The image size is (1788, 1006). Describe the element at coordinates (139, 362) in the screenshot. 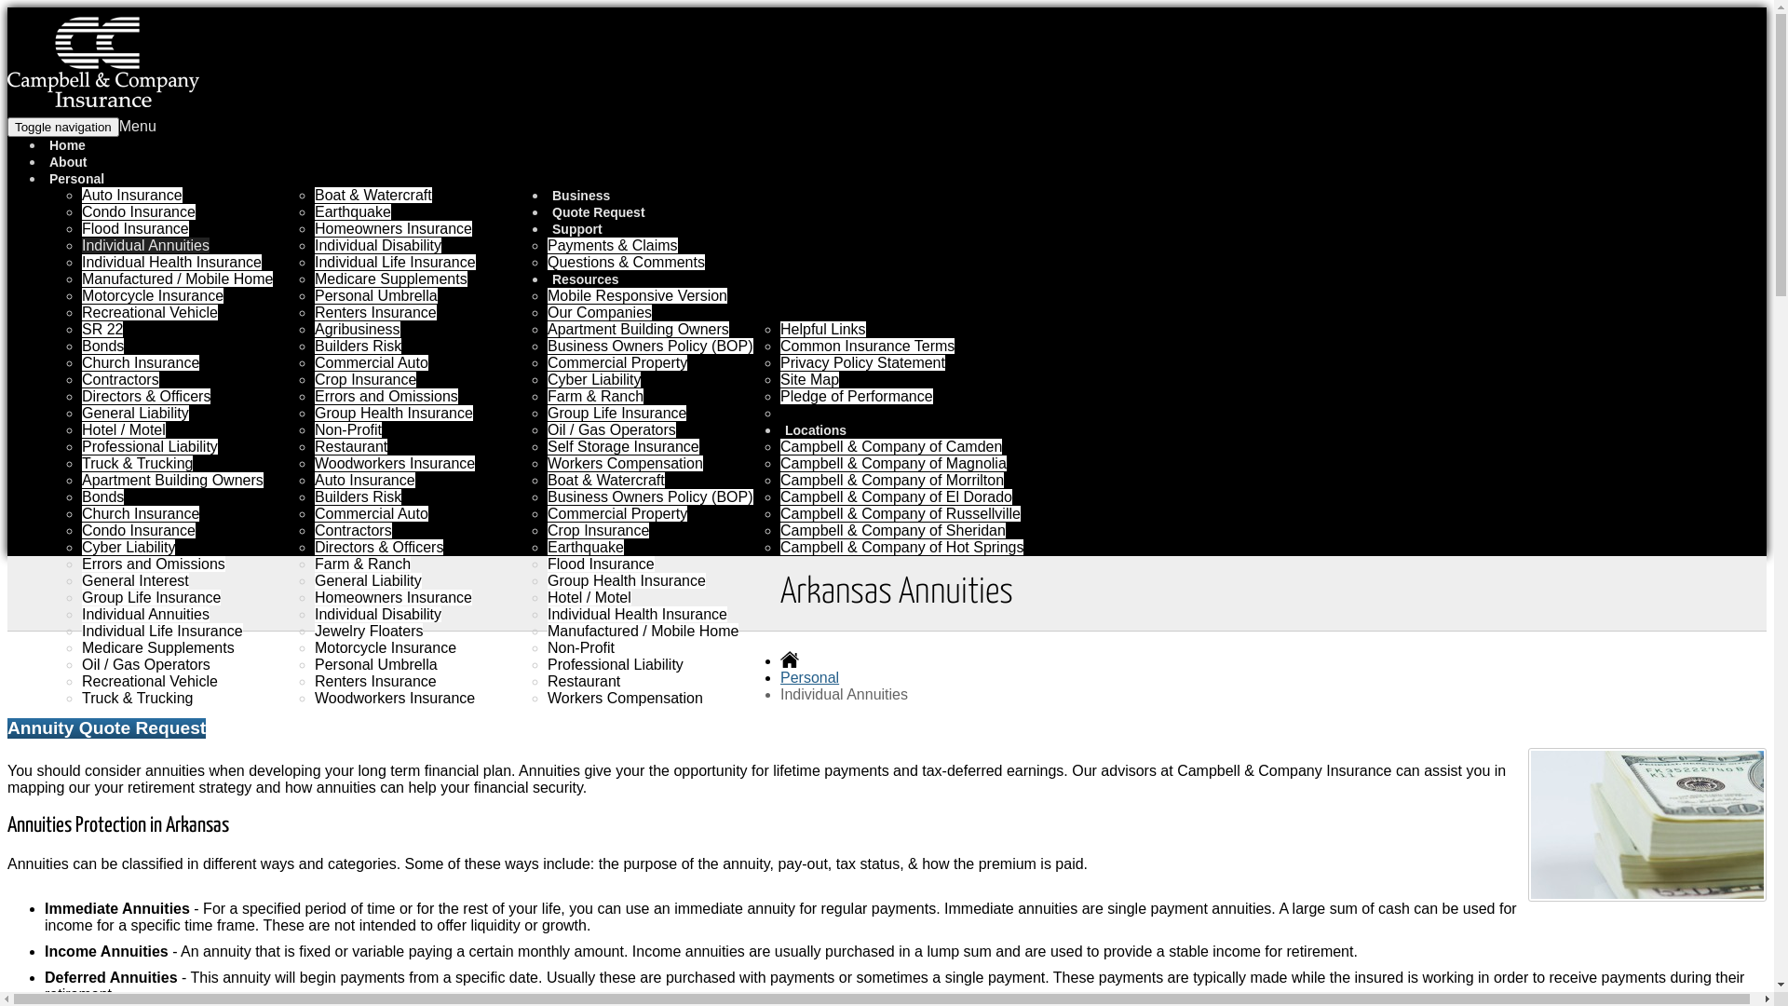

I see `'Church Insurance'` at that location.